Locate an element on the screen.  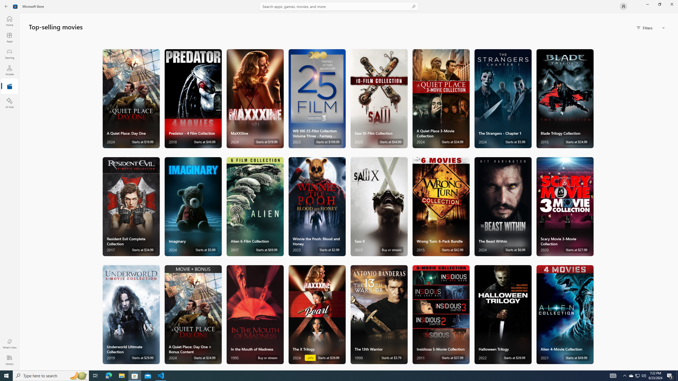
'Saw 10-Film Collection. Starts at $44.99  ' is located at coordinates (379, 98).